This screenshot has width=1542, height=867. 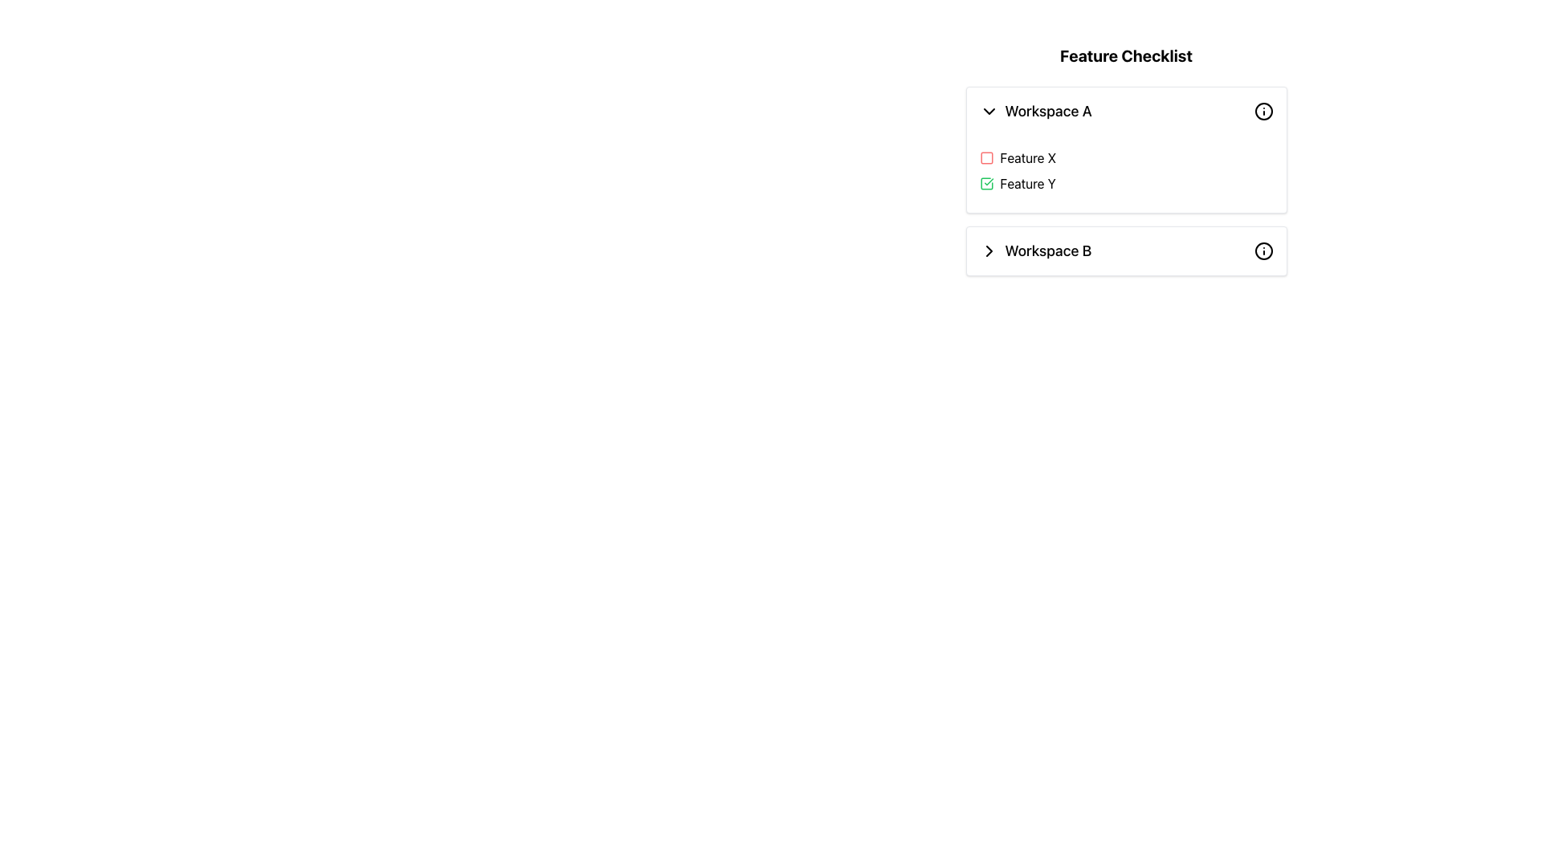 I want to click on the second checkable list item labeled 'Feature Y' in the 'Feature Checklist' section, so click(x=1125, y=182).